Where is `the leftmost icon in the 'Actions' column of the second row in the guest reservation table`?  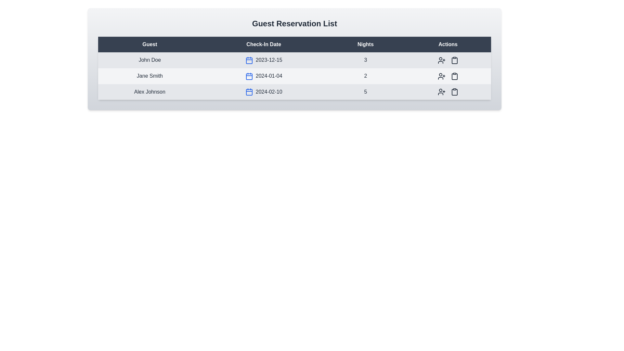
the leftmost icon in the 'Actions' column of the second row in the guest reservation table is located at coordinates (441, 76).